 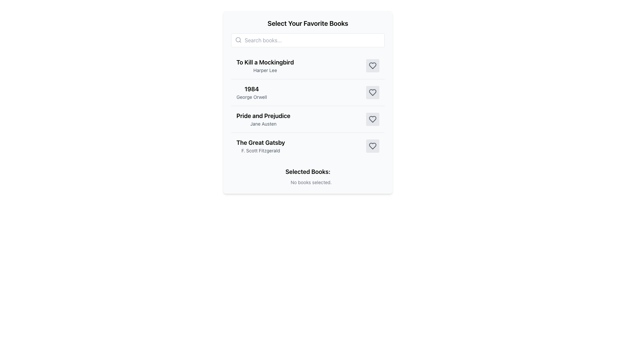 I want to click on the textual label displaying the name 'Jane Austen', which is styled in a smaller gray font and positioned directly underneath the 'Pride and Prejudice' title text, so click(x=263, y=124).